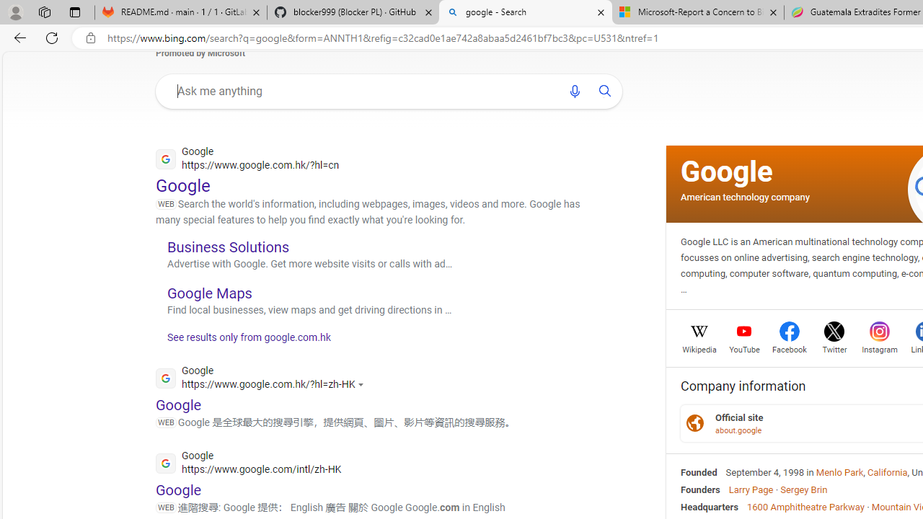  Describe the element at coordinates (727, 170) in the screenshot. I see `'Google'` at that location.